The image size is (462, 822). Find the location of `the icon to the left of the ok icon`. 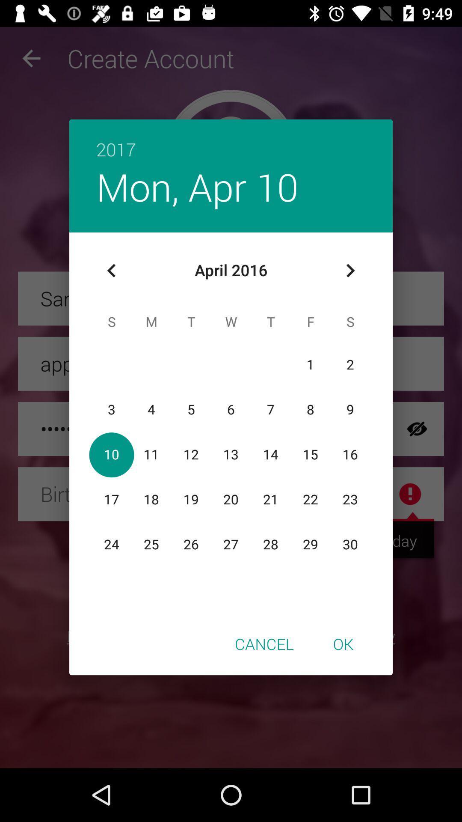

the icon to the left of the ok icon is located at coordinates (264, 643).